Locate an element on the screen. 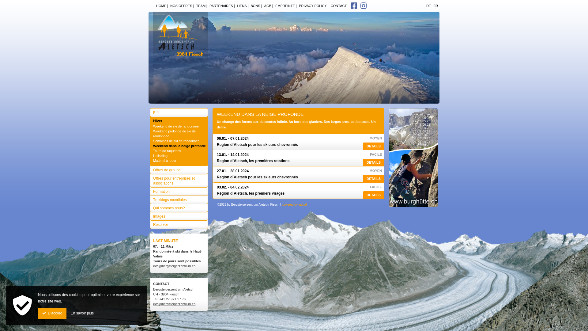 This screenshot has width=588, height=331. 'PARTENAIRES' is located at coordinates (220, 6).